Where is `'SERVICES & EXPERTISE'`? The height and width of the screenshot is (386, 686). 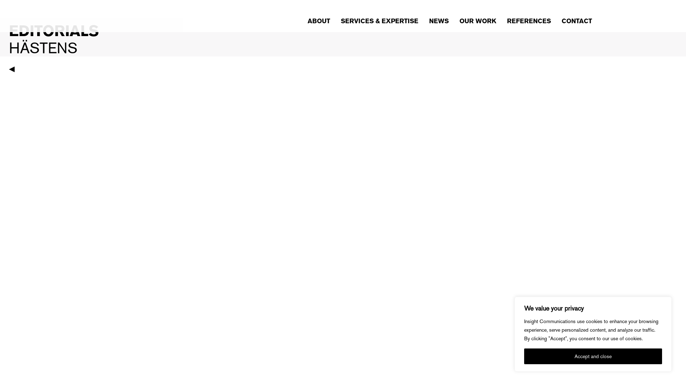 'SERVICES & EXPERTISE' is located at coordinates (379, 22).